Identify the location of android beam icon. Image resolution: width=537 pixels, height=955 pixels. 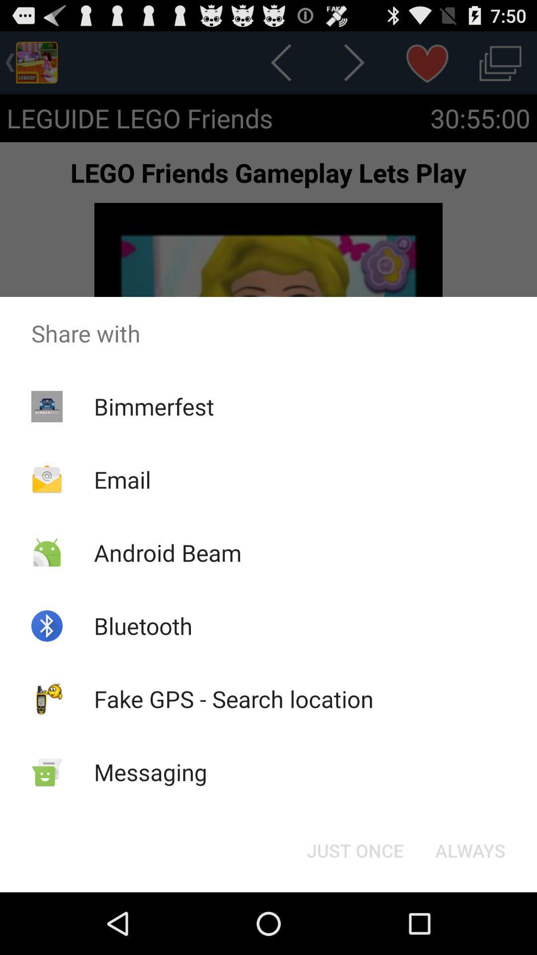
(167, 552).